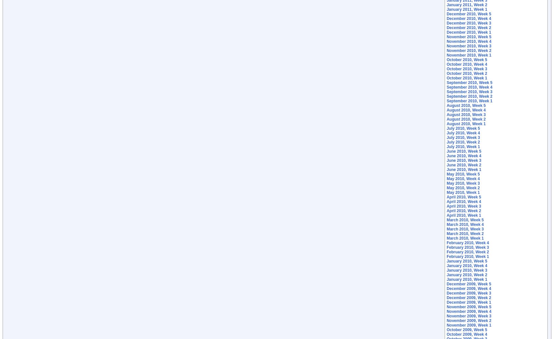 The image size is (554, 339). What do you see at coordinates (463, 188) in the screenshot?
I see `'May 2010, Week 2'` at bounding box center [463, 188].